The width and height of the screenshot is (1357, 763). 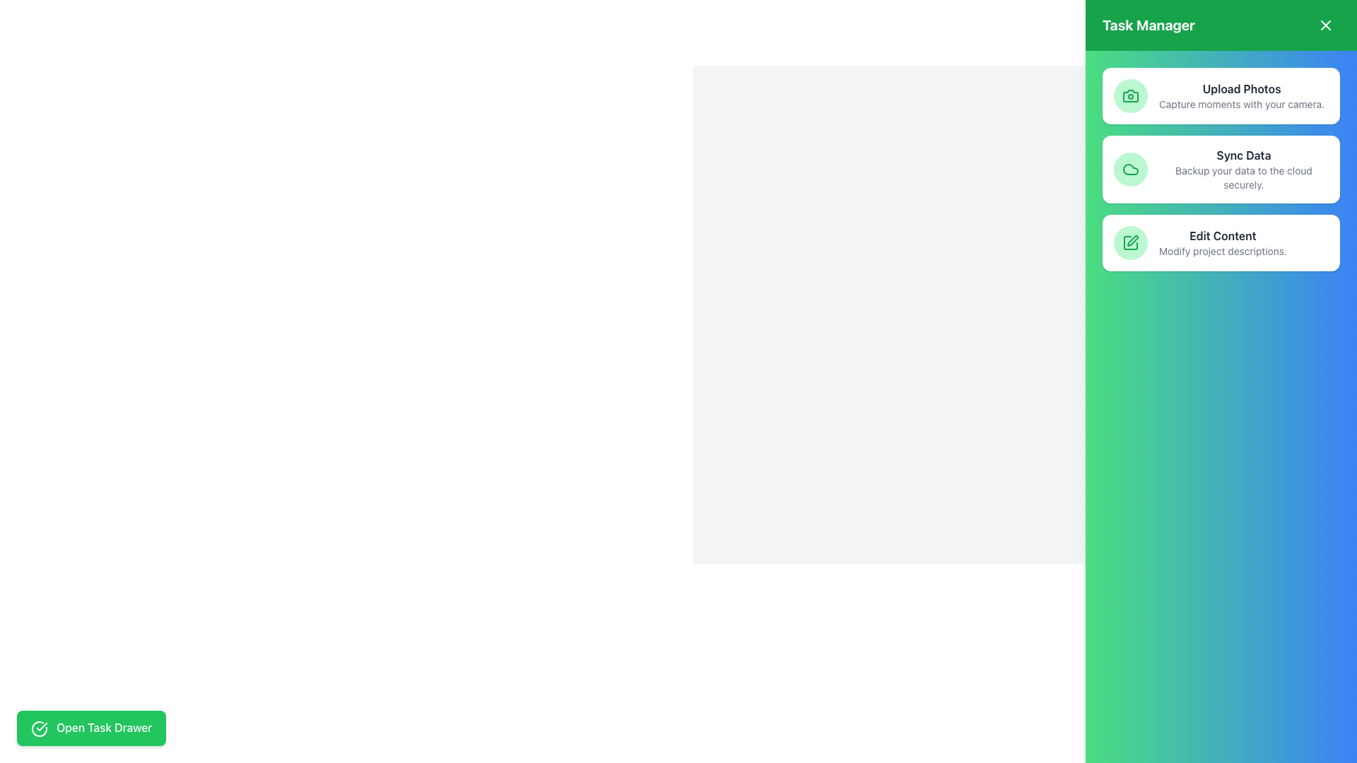 What do you see at coordinates (1129, 168) in the screenshot?
I see `the SVG cloud icon outlined by a green circular background, which is the second icon in the vertical menu under the 'Task Manager' section` at bounding box center [1129, 168].